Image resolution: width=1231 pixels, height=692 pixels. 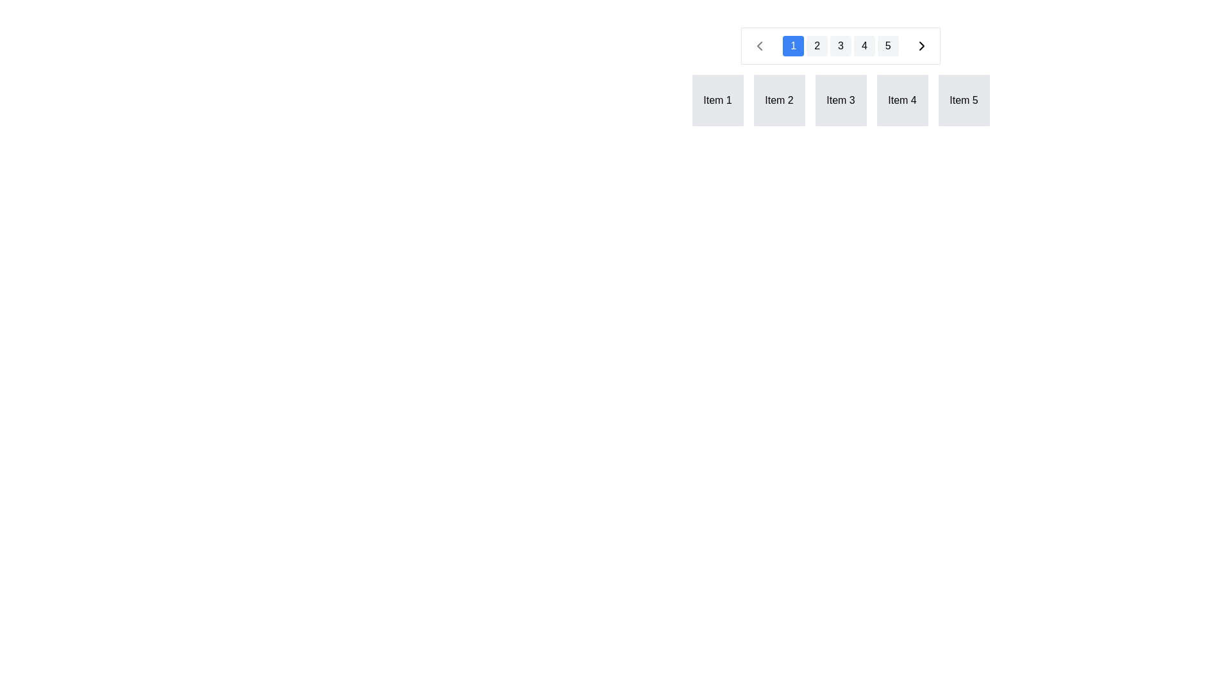 What do you see at coordinates (816, 45) in the screenshot?
I see `the pagination button labeled '2' with a gray background` at bounding box center [816, 45].